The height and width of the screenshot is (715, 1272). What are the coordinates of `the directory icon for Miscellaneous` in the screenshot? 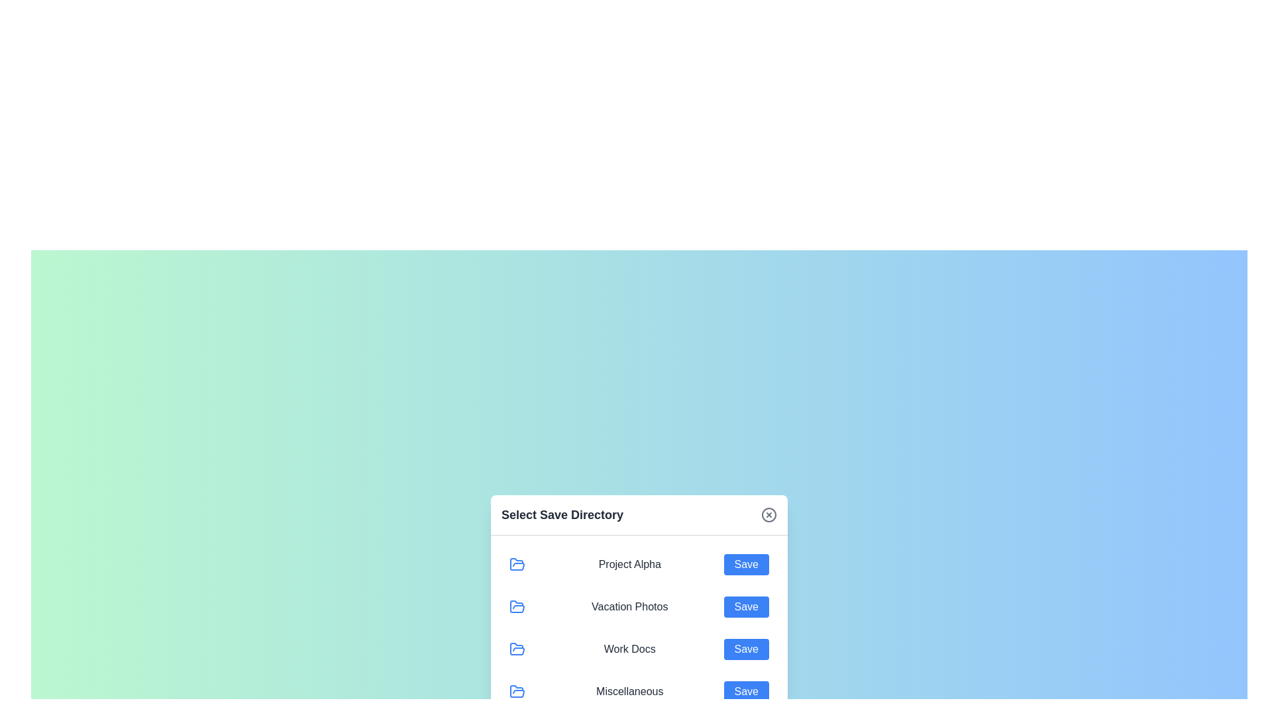 It's located at (517, 691).